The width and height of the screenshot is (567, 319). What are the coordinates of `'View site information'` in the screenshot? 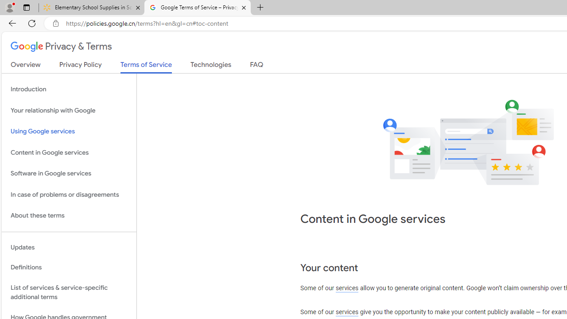 It's located at (55, 23).